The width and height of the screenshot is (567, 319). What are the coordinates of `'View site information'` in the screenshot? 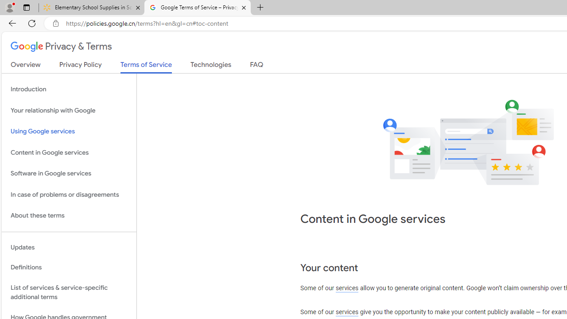 It's located at (55, 23).